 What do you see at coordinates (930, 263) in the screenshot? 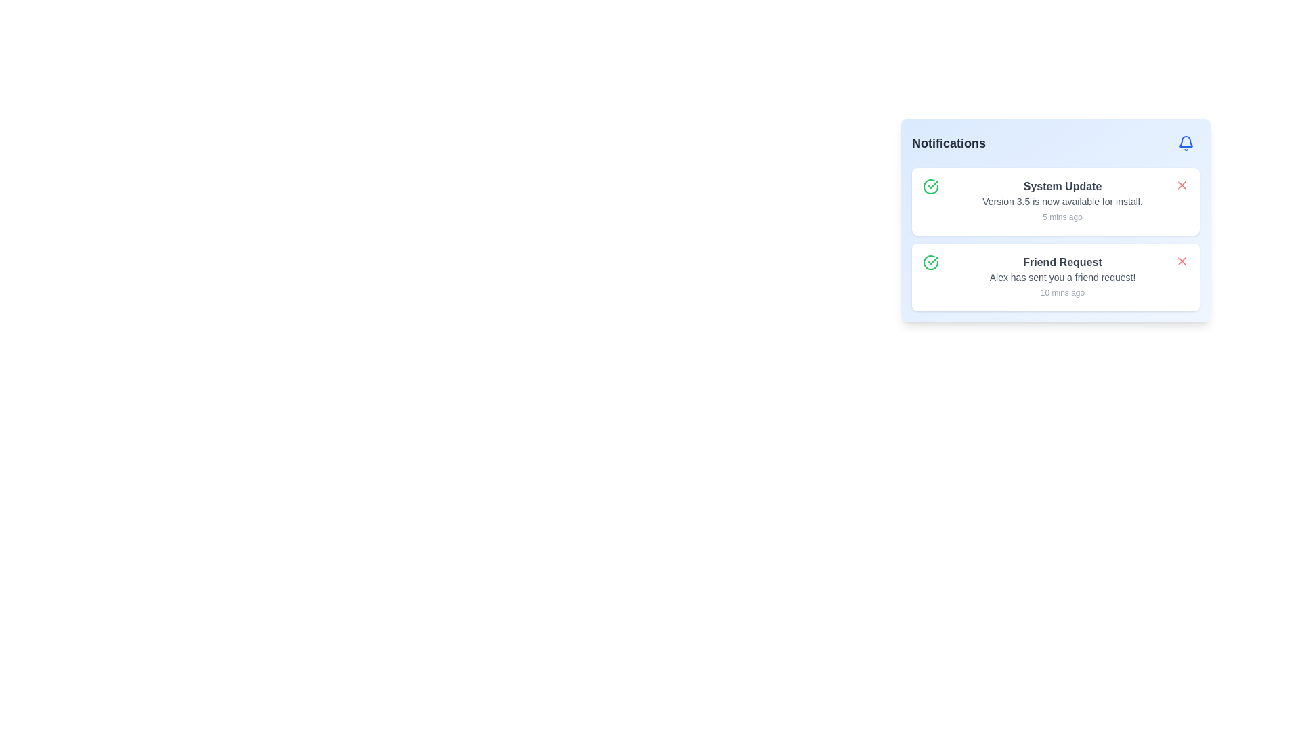
I see `the thin, curved green stroke of the checkmark icon located in the left section of the lower notification card` at bounding box center [930, 263].